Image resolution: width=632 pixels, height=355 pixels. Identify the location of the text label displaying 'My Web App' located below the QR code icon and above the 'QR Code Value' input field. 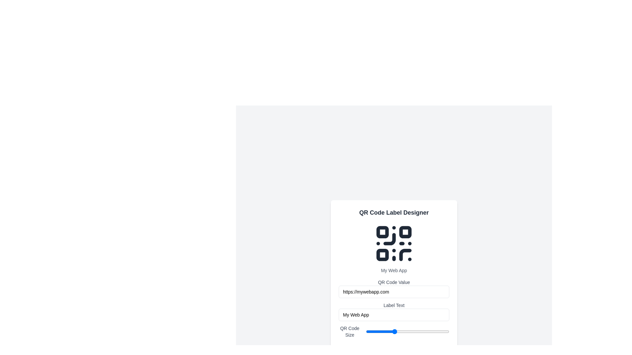
(394, 270).